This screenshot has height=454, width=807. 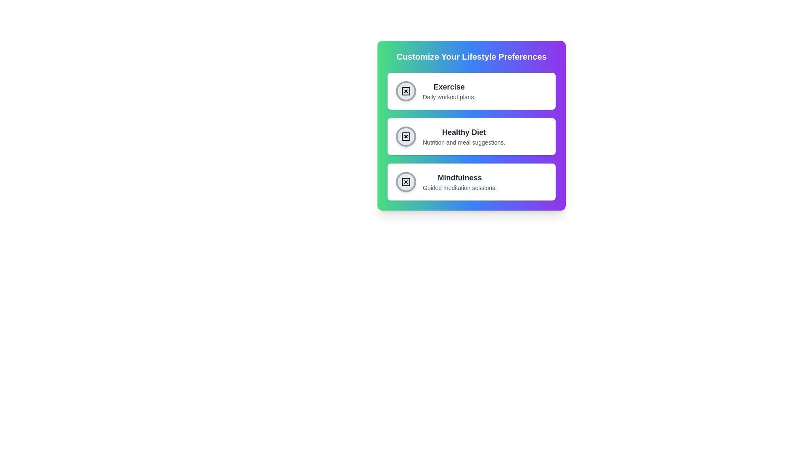 What do you see at coordinates (448, 97) in the screenshot?
I see `the descriptive text label located directly below the 'Exercise' option in the first section of the selectable panels under the 'Customize Your Lifestyle Preferences' header` at bounding box center [448, 97].